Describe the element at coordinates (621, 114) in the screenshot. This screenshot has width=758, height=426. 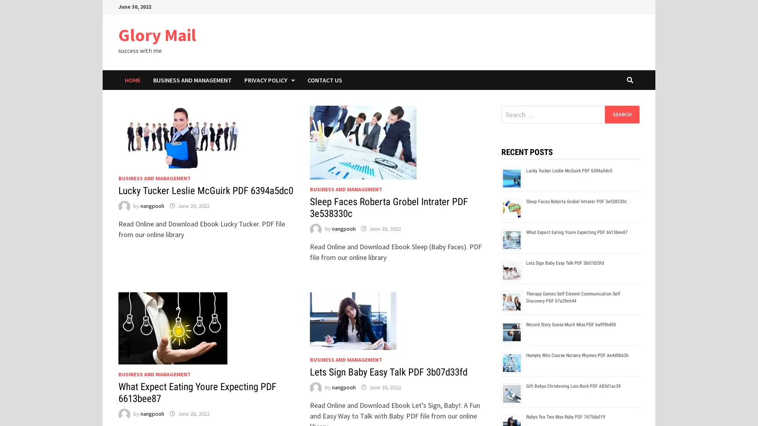
I see `Search` at that location.